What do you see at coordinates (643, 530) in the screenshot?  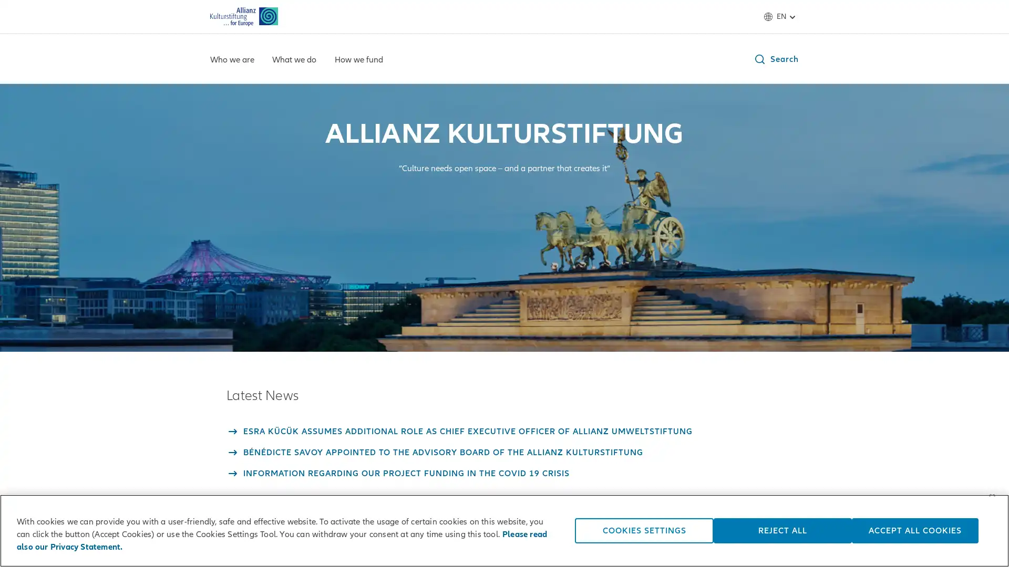 I see `COOKIES SETTINGS` at bounding box center [643, 530].